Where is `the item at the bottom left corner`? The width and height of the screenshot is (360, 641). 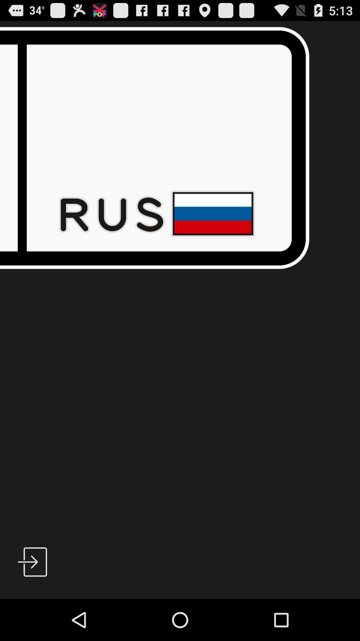 the item at the bottom left corner is located at coordinates (32, 562).